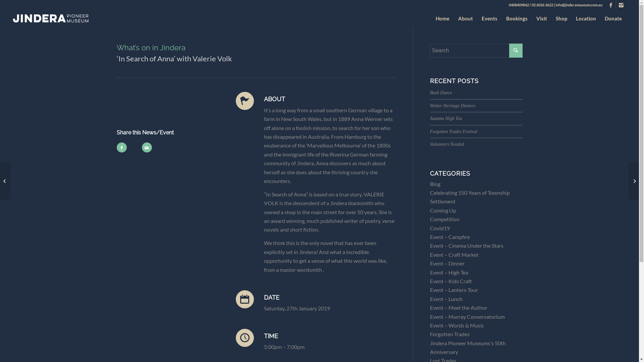 This screenshot has width=644, height=362. Describe the element at coordinates (440, 228) in the screenshot. I see `'Covid19'` at that location.